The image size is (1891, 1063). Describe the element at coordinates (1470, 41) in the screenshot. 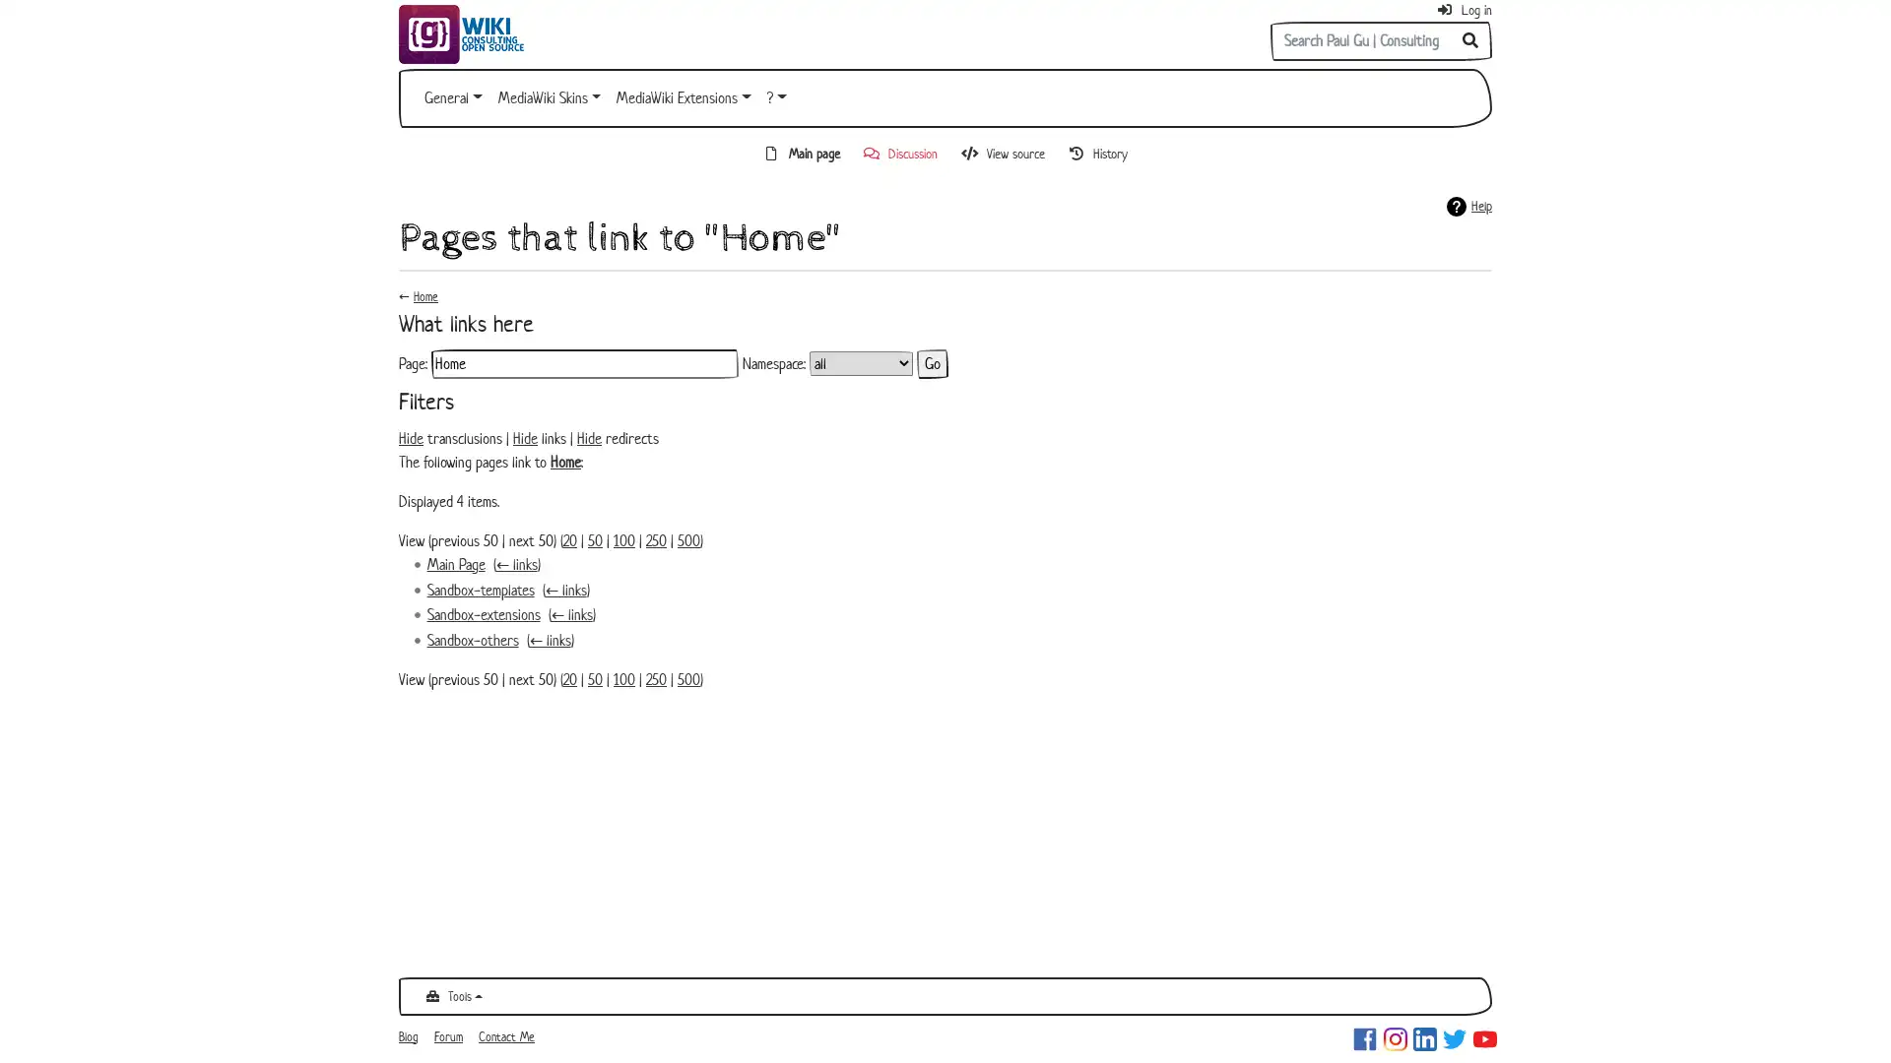

I see `Go to page` at that location.